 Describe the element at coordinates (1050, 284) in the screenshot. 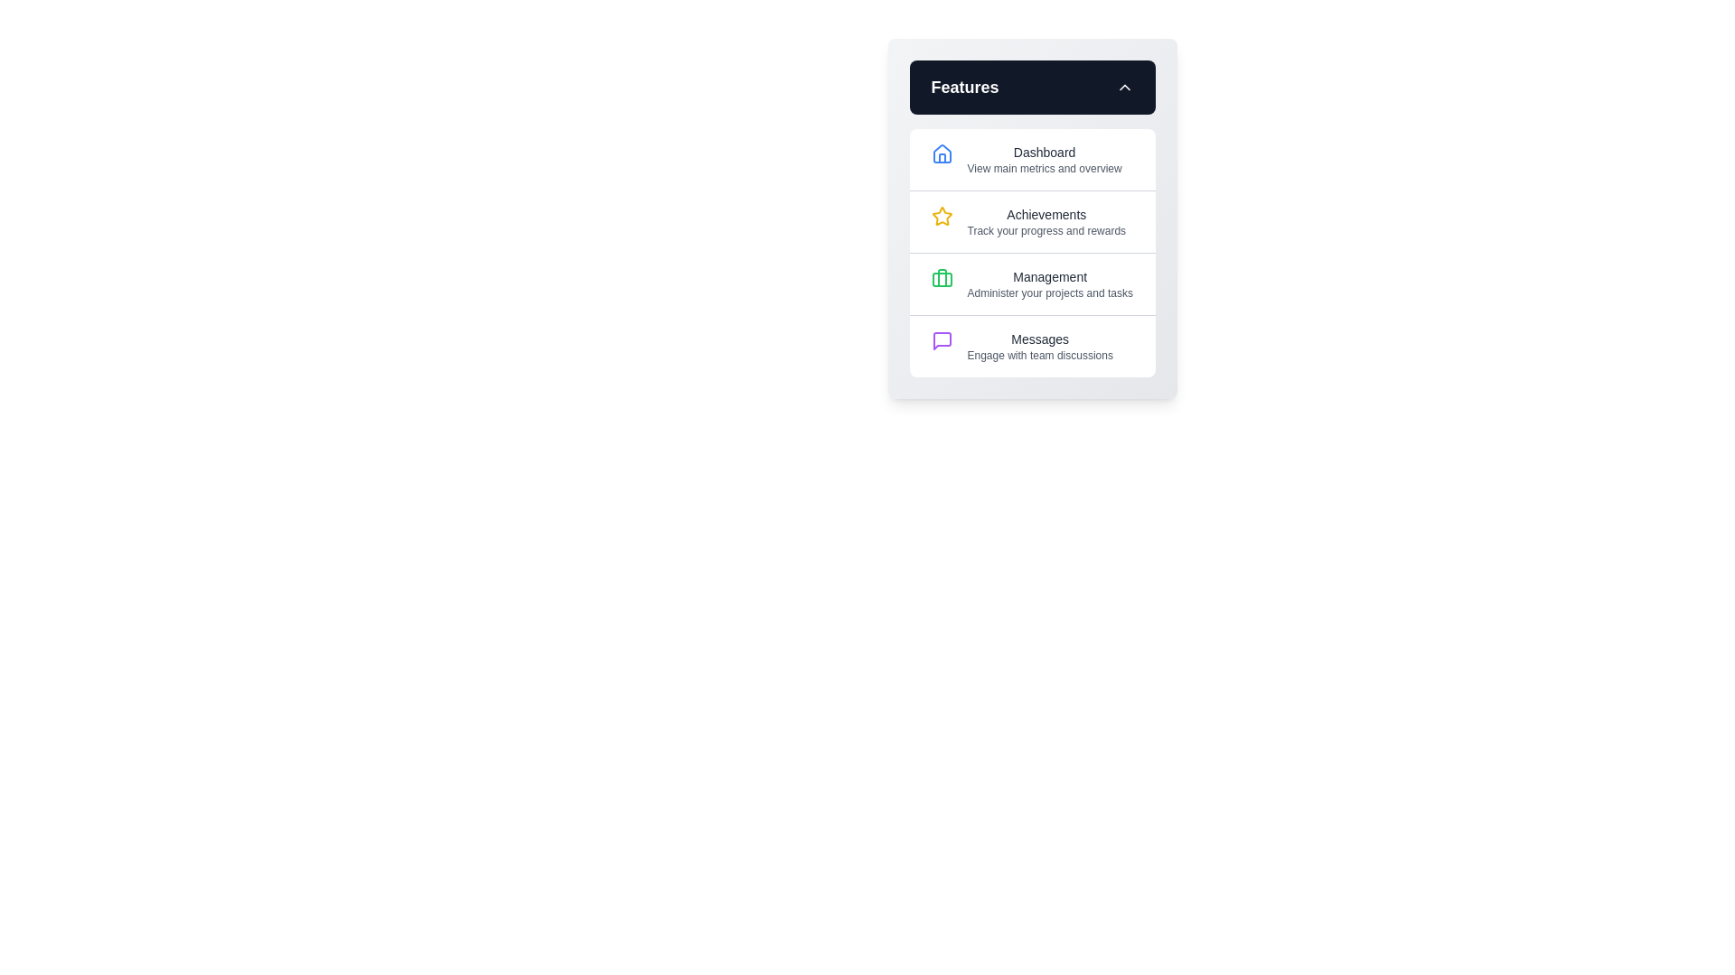

I see `the 'Management' text label, which is the third entry under the 'Features' section` at that location.